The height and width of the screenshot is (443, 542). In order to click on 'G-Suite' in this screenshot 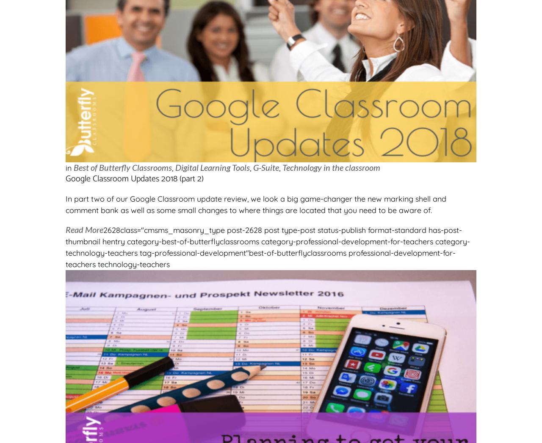, I will do `click(265, 167)`.